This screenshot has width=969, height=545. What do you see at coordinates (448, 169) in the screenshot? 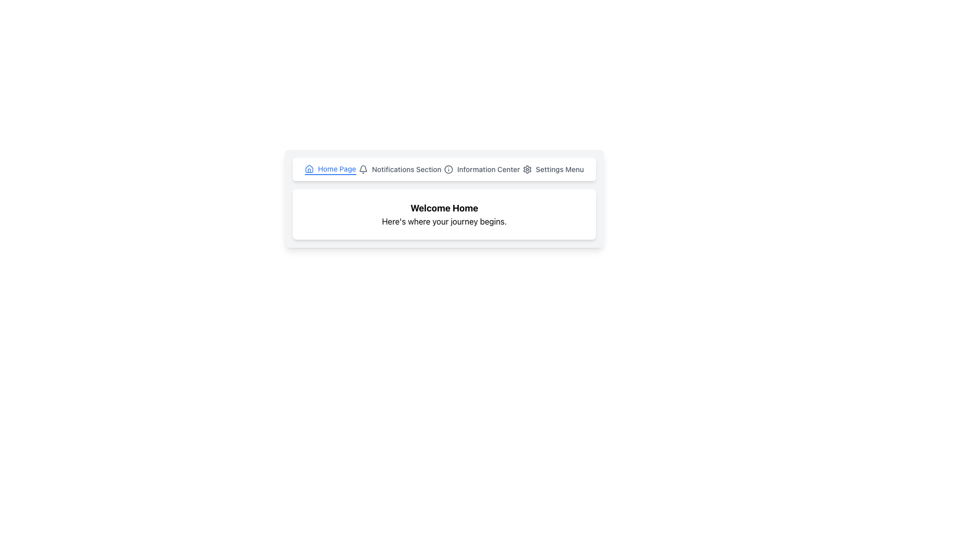
I see `the small circular information icon with a stylized 'i' symbol located in the navigation bar to the left of the 'Information Center' text for more information` at bounding box center [448, 169].